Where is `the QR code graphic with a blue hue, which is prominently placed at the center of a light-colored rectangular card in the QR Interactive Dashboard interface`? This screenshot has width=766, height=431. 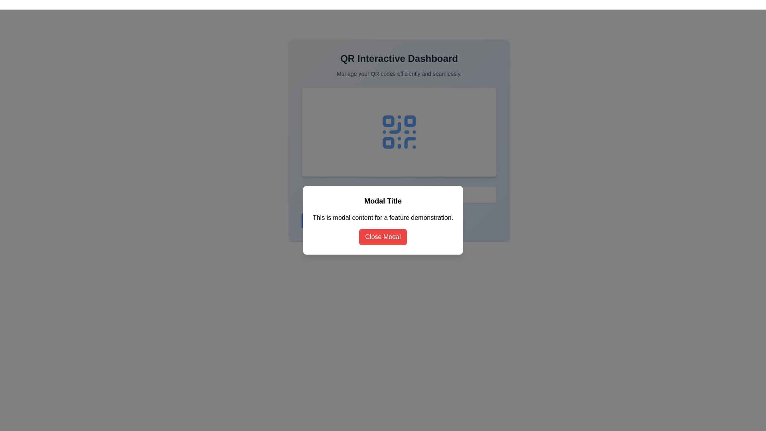 the QR code graphic with a blue hue, which is prominently placed at the center of a light-colored rectangular card in the QR Interactive Dashboard interface is located at coordinates (399, 132).